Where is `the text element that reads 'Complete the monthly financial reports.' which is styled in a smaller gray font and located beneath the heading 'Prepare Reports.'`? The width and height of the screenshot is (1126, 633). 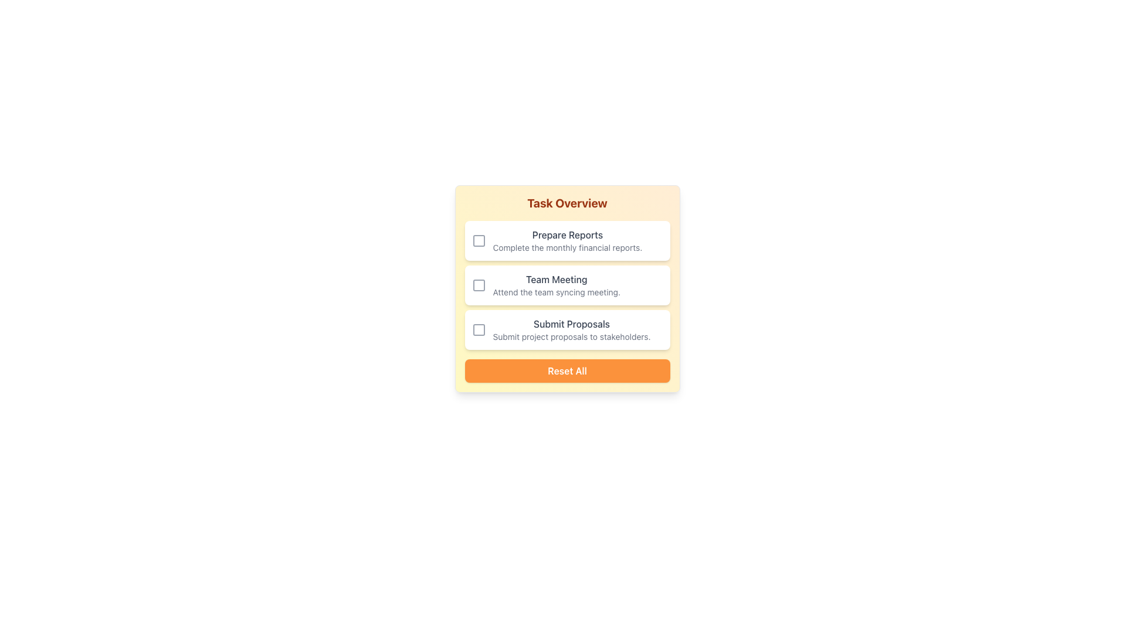
the text element that reads 'Complete the monthly financial reports.' which is styled in a smaller gray font and located beneath the heading 'Prepare Reports.' is located at coordinates (567, 247).